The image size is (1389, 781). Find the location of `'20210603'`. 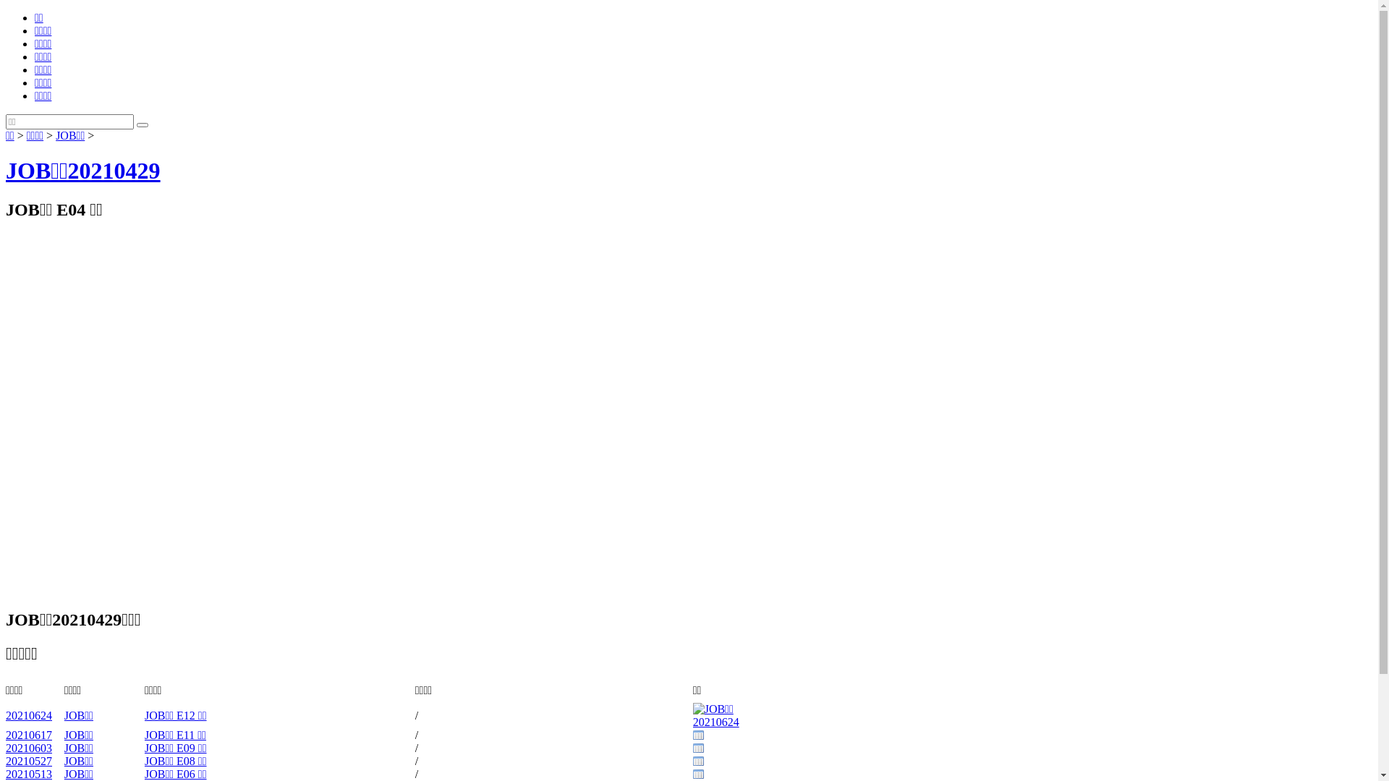

'20210603' is located at coordinates (28, 748).